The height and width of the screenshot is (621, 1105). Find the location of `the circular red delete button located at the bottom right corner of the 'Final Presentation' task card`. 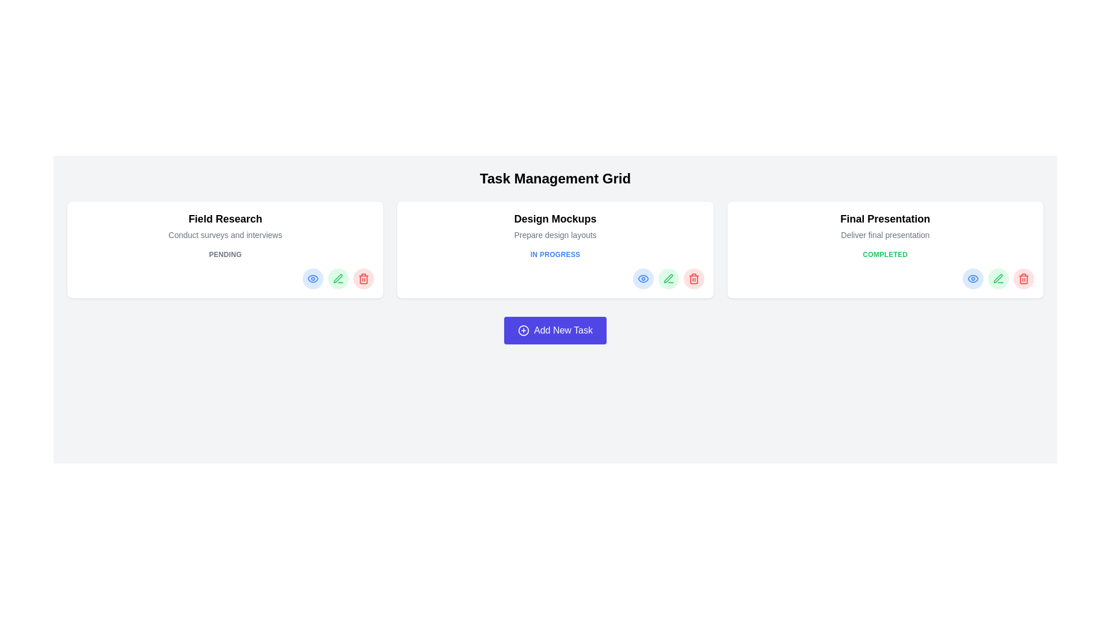

the circular red delete button located at the bottom right corner of the 'Final Presentation' task card is located at coordinates (1024, 279).